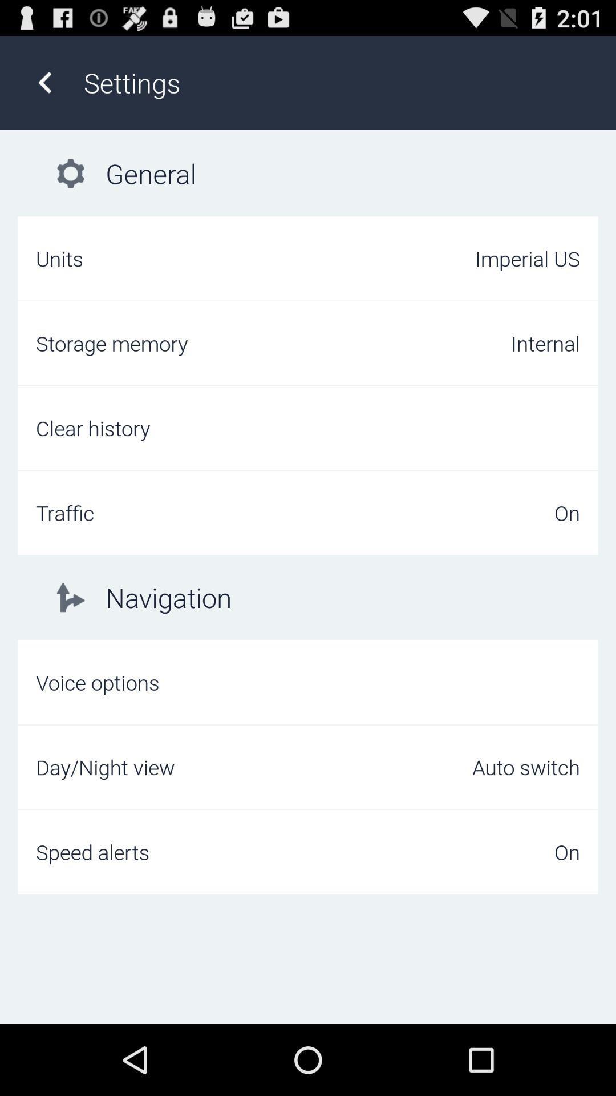 The width and height of the screenshot is (616, 1096). What do you see at coordinates (44, 82) in the screenshot?
I see `the item to the left of settings` at bounding box center [44, 82].